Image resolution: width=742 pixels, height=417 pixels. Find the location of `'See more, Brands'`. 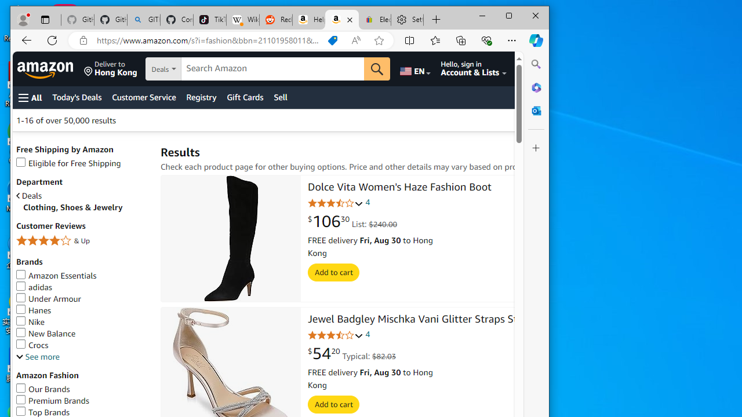

'See more, Brands' is located at coordinates (38, 356).